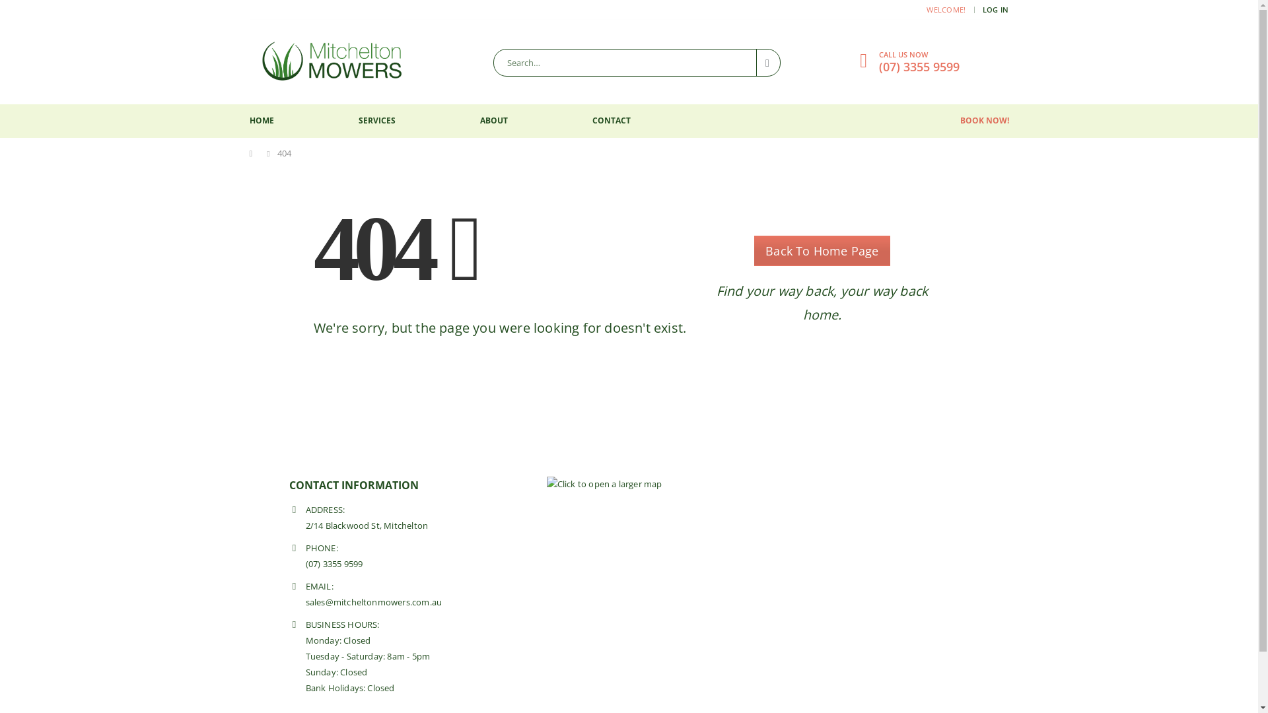  What do you see at coordinates (372, 602) in the screenshot?
I see `'sales@mitcheltonmowers.com.au'` at bounding box center [372, 602].